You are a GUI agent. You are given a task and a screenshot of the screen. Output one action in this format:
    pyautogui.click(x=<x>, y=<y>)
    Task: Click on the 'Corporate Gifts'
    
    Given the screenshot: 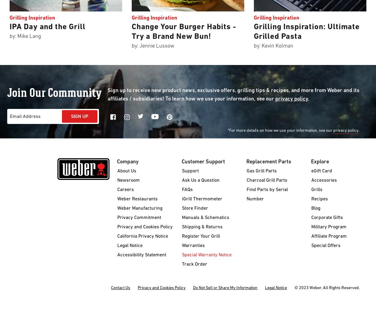 What is the action you would take?
    pyautogui.click(x=311, y=218)
    